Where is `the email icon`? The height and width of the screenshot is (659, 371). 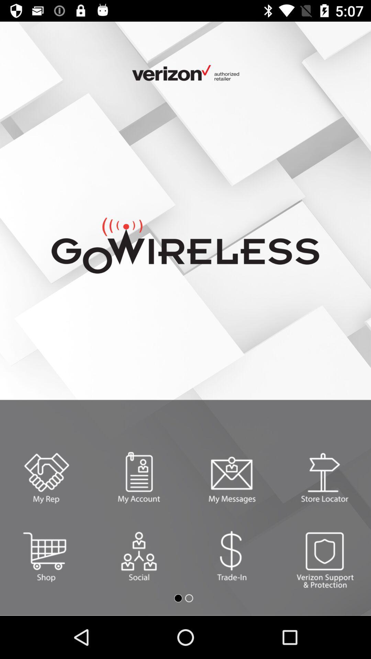
the email icon is located at coordinates (232, 477).